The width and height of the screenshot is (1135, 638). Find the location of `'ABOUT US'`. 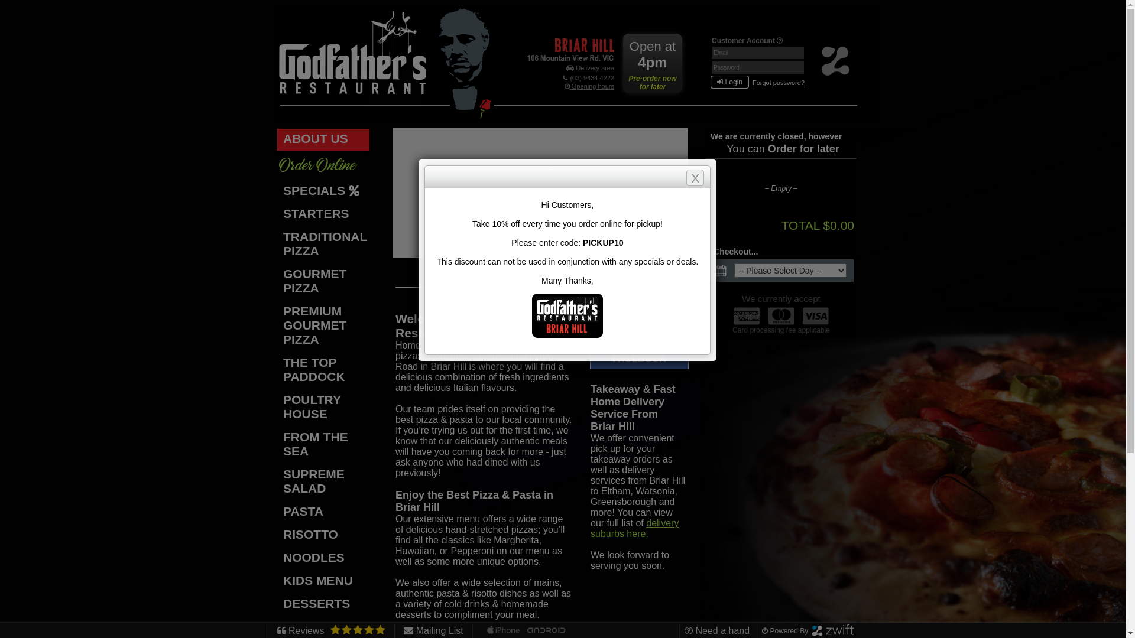

'ABOUT US' is located at coordinates (323, 139).